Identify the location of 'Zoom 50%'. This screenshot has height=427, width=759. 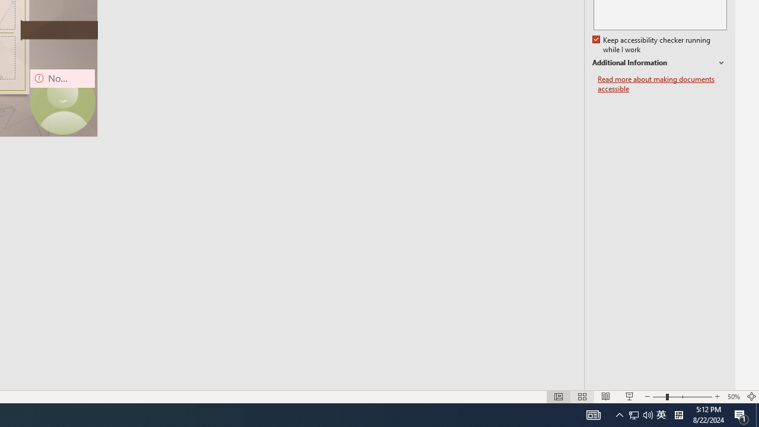
(733, 397).